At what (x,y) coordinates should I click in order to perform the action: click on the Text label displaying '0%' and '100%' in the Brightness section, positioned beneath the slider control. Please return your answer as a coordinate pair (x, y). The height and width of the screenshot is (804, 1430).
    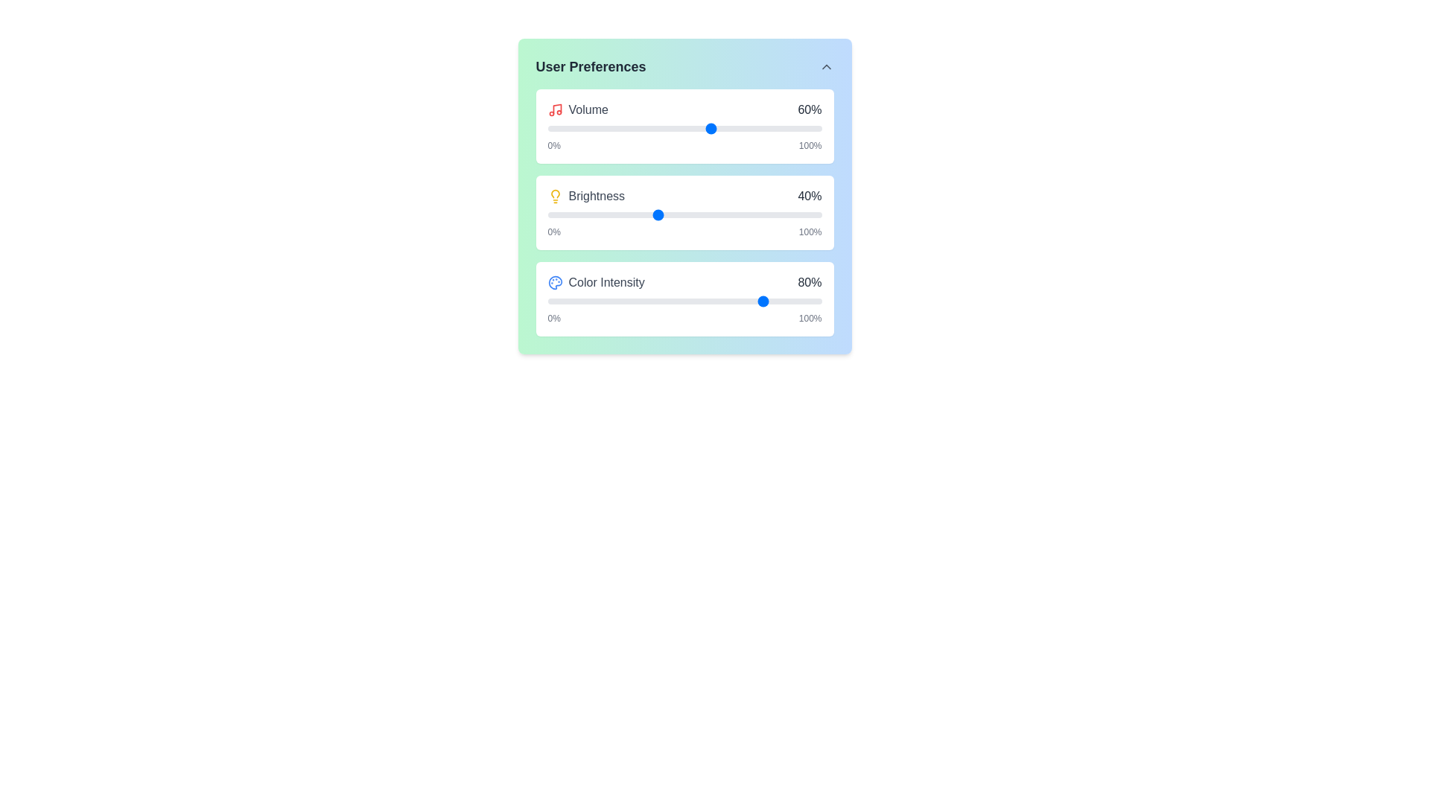
    Looking at the image, I should click on (684, 232).